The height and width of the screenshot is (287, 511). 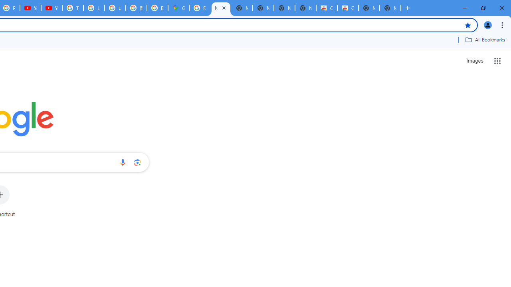 I want to click on 'Tips & tricks for Chrome - Google Chrome Help', so click(x=73, y=8).